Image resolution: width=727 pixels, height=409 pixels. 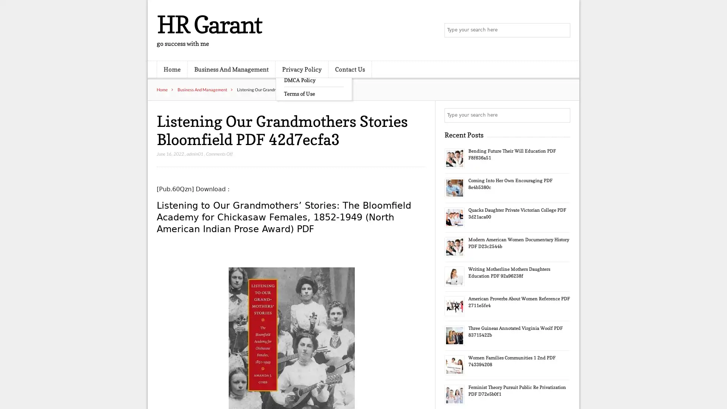 I want to click on Search, so click(x=562, y=30).